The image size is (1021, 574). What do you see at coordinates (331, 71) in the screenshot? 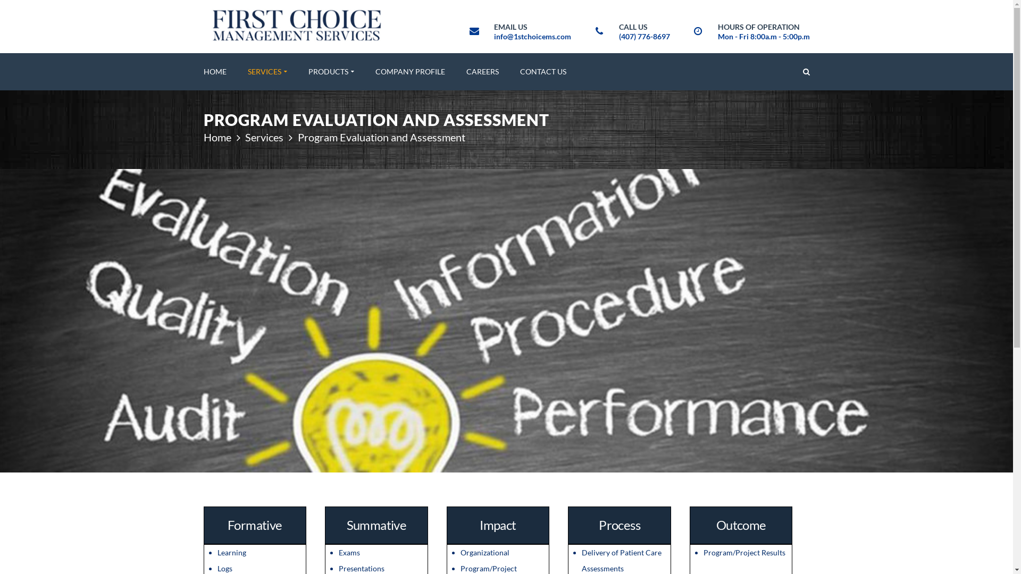
I see `'PRODUCTS'` at bounding box center [331, 71].